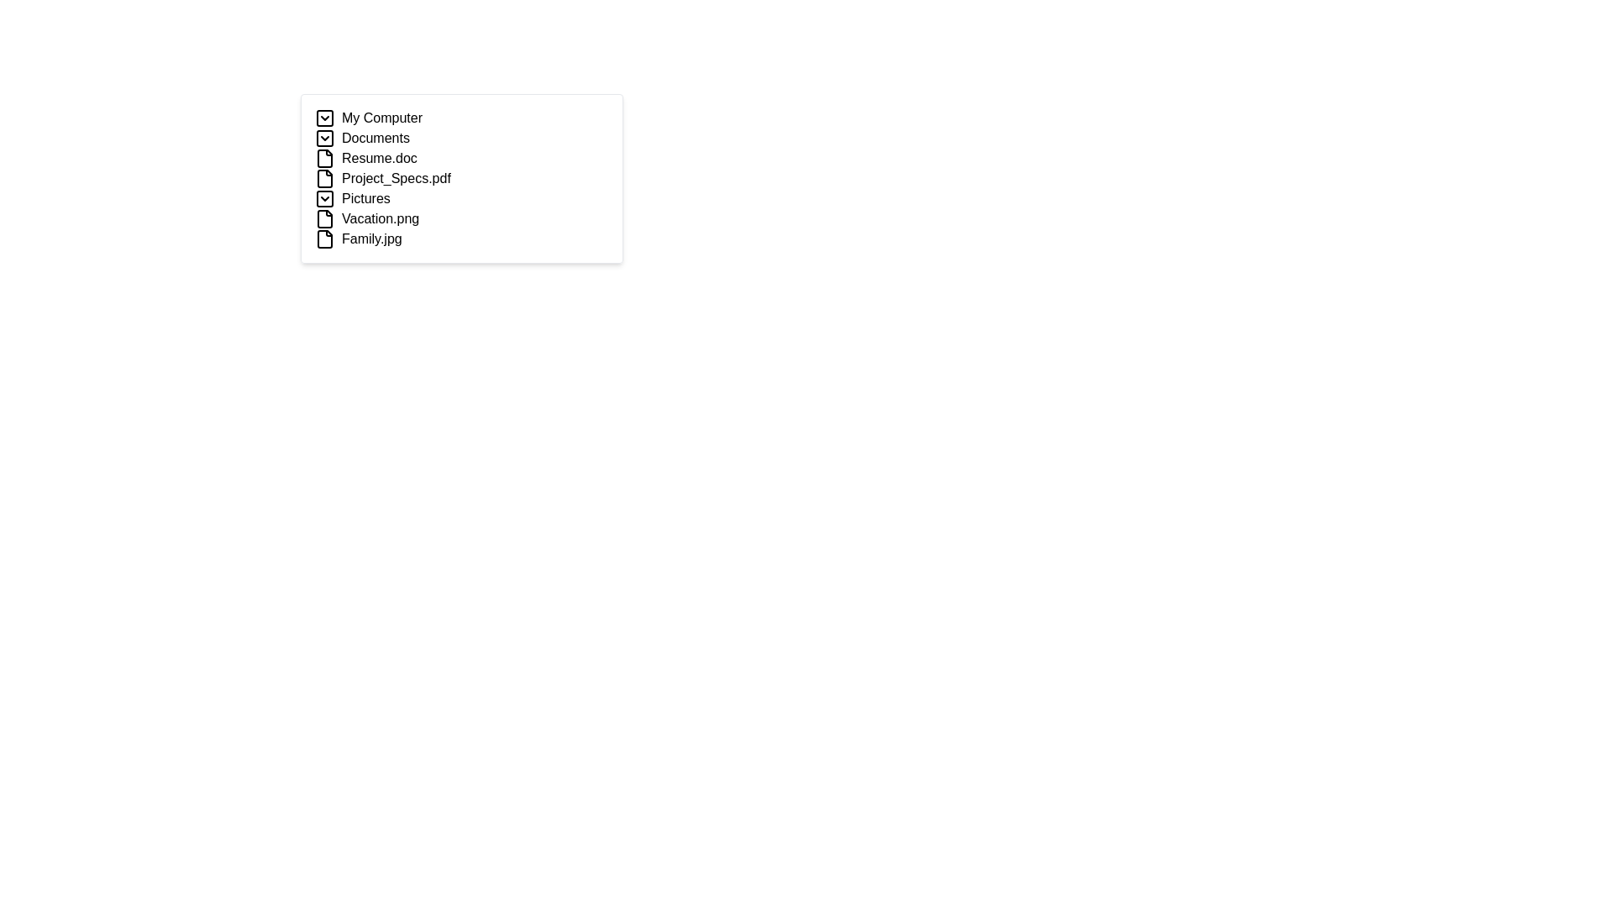 This screenshot has height=907, width=1613. Describe the element at coordinates (462, 178) in the screenshot. I see `the List item representing the file 'Project_Specs.pdf'` at that location.